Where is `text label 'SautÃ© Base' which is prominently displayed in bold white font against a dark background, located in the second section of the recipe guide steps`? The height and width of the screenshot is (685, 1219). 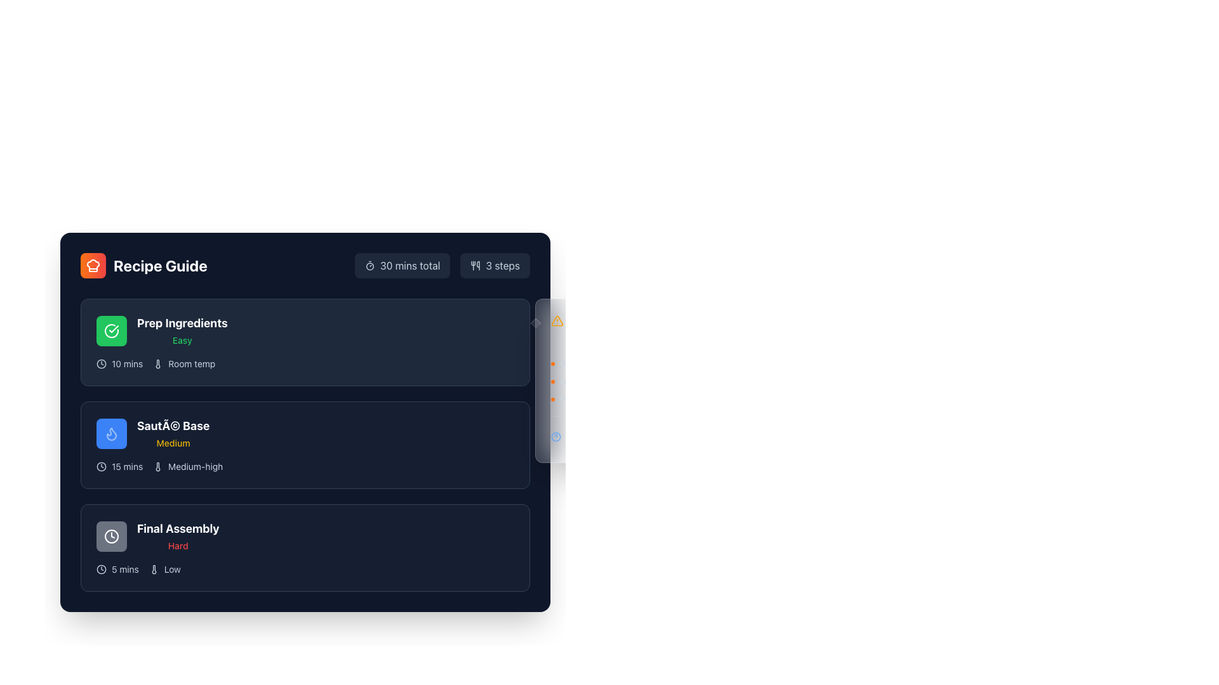
text label 'SautÃ© Base' which is prominently displayed in bold white font against a dark background, located in the second section of the recipe guide steps is located at coordinates (173, 426).